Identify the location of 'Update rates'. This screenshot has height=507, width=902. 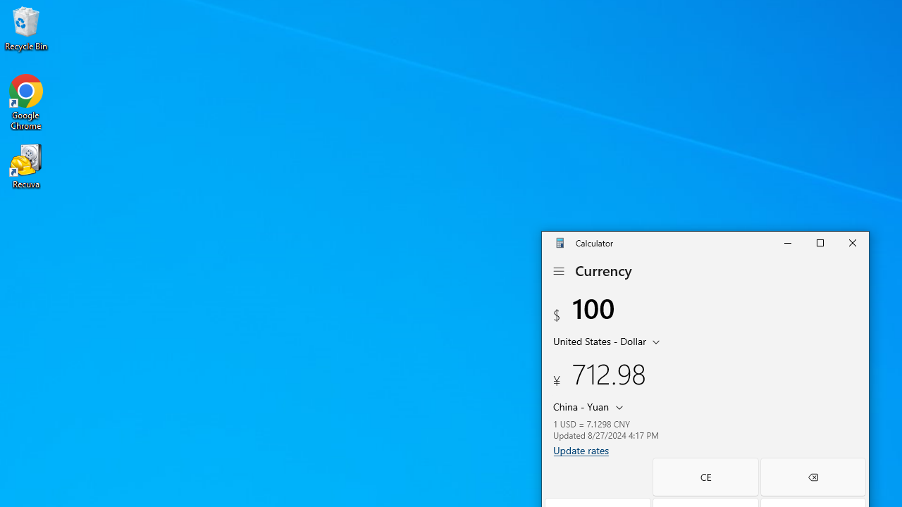
(581, 450).